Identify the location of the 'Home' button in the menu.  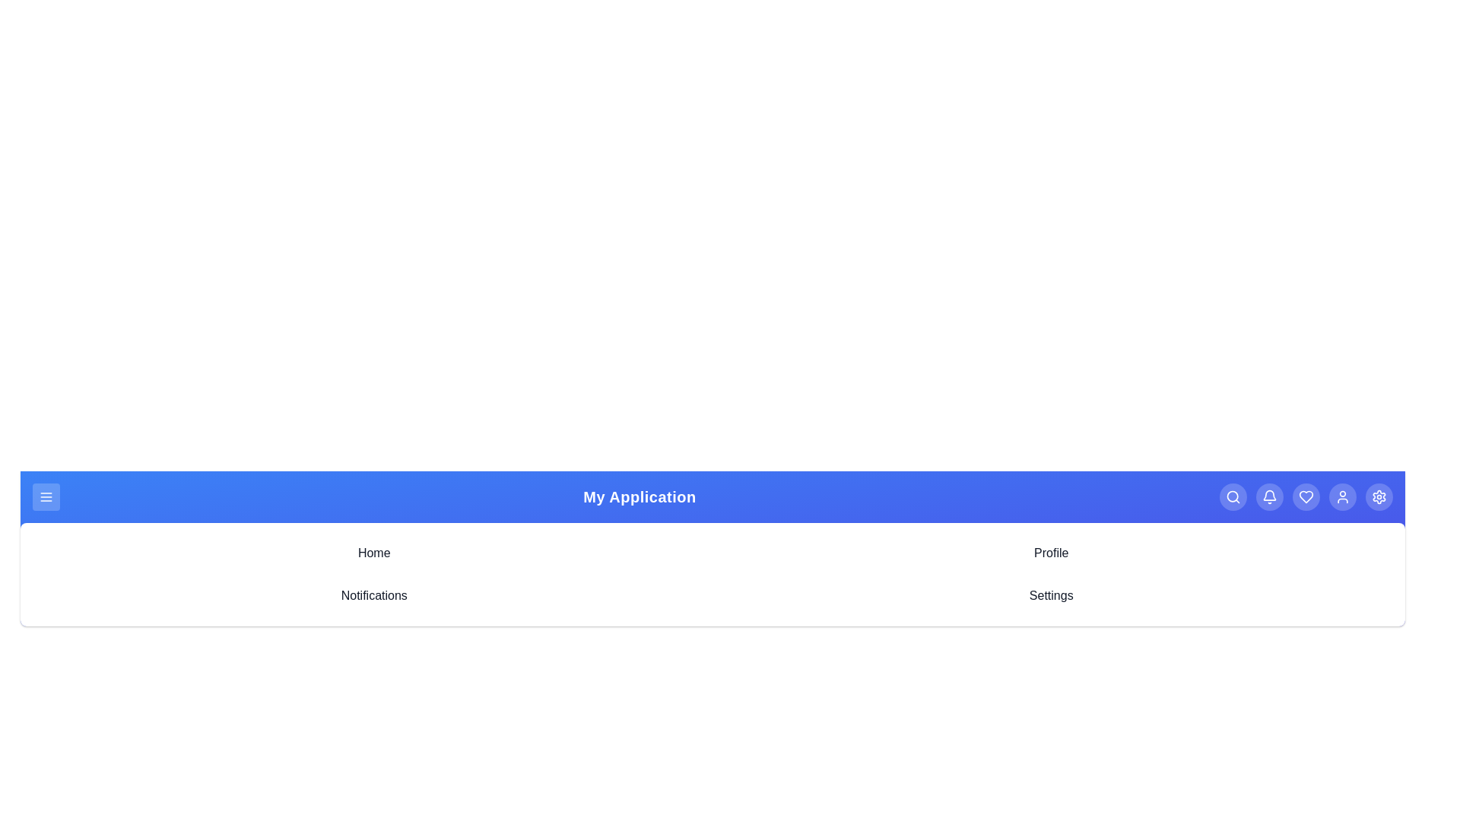
(374, 553).